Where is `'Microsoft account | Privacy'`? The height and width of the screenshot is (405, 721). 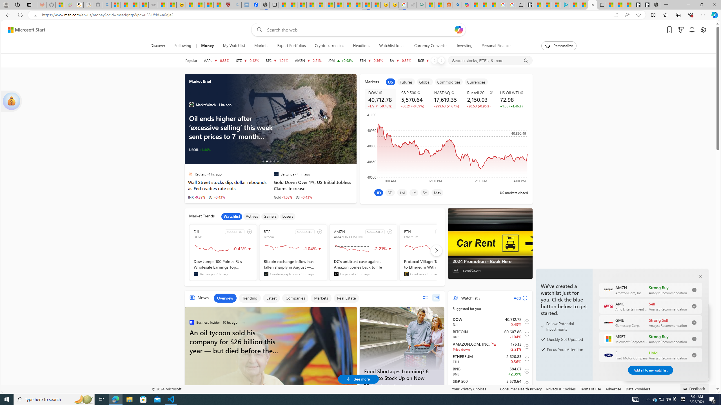 'Microsoft account | Privacy' is located at coordinates (556, 4).